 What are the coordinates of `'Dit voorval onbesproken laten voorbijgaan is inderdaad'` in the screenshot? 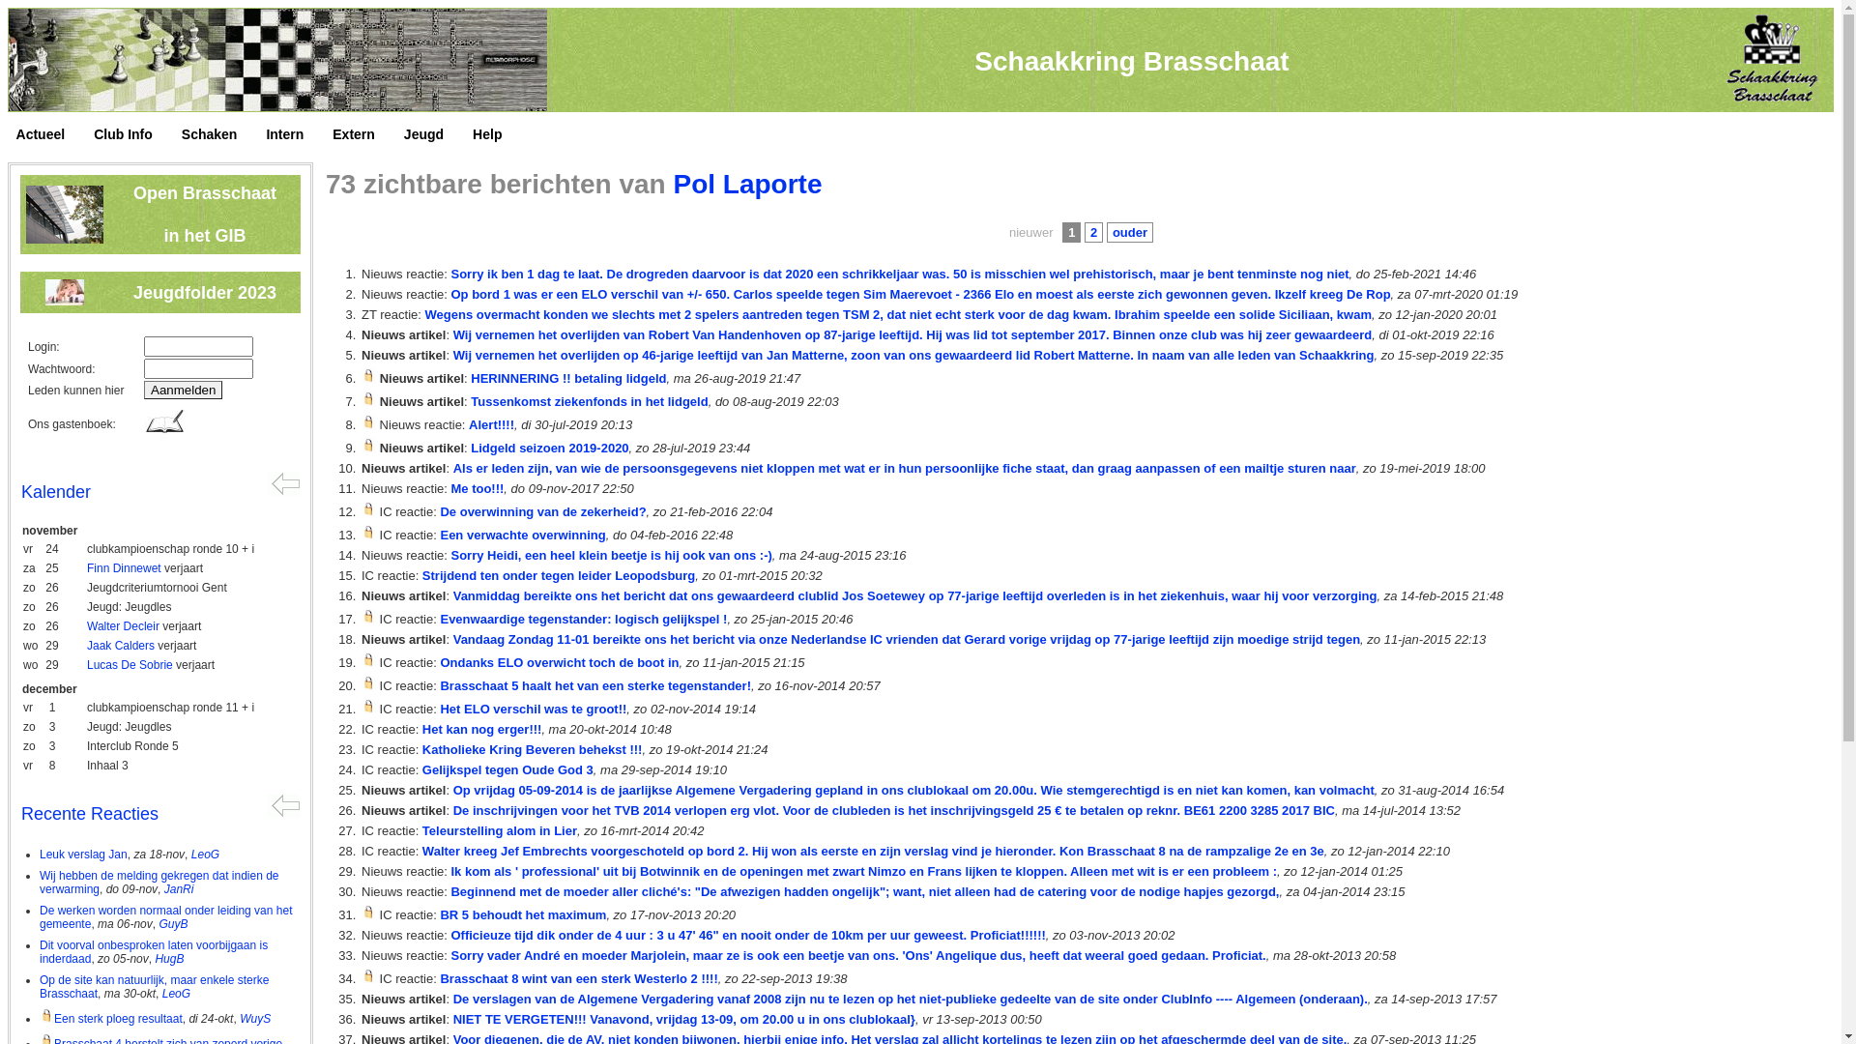 It's located at (152, 950).